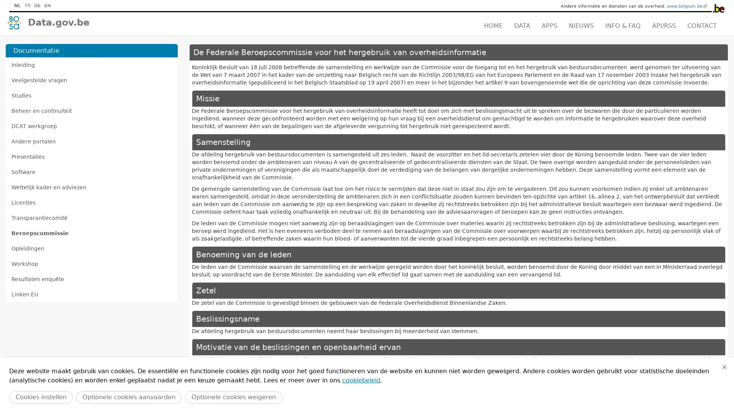  I want to click on Sluiten, so click(724, 367).